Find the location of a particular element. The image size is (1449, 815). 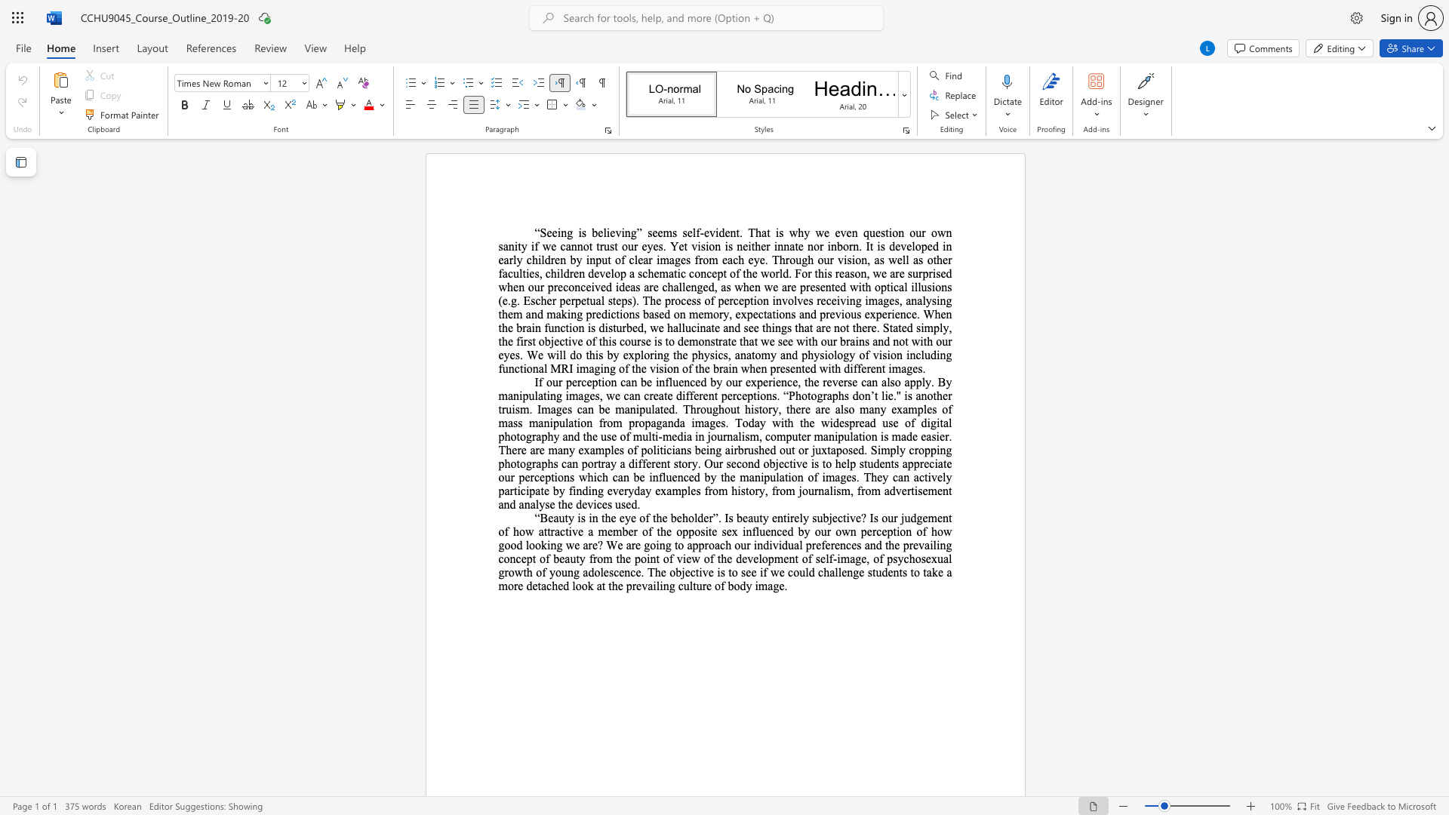

the subset text "ptions. “Photographs don’t lie." within the text "If our perception can be influenced by our experience, the reverse can also apply. By manipulating images, we can create different perceptions. “Photographs don’t lie." is located at coordinates (747, 395).